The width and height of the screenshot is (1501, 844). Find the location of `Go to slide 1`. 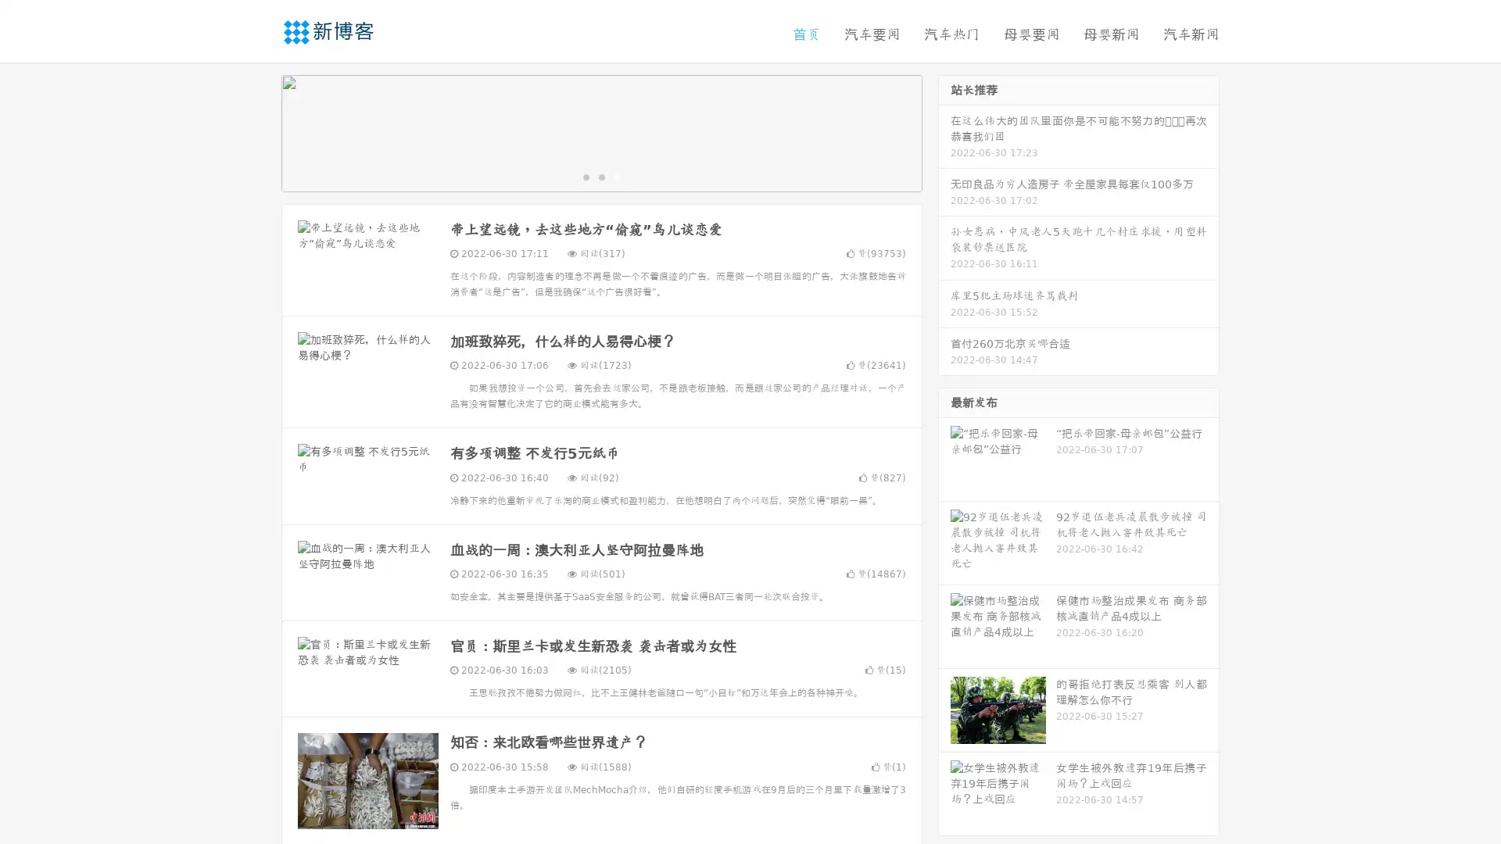

Go to slide 1 is located at coordinates (585, 176).